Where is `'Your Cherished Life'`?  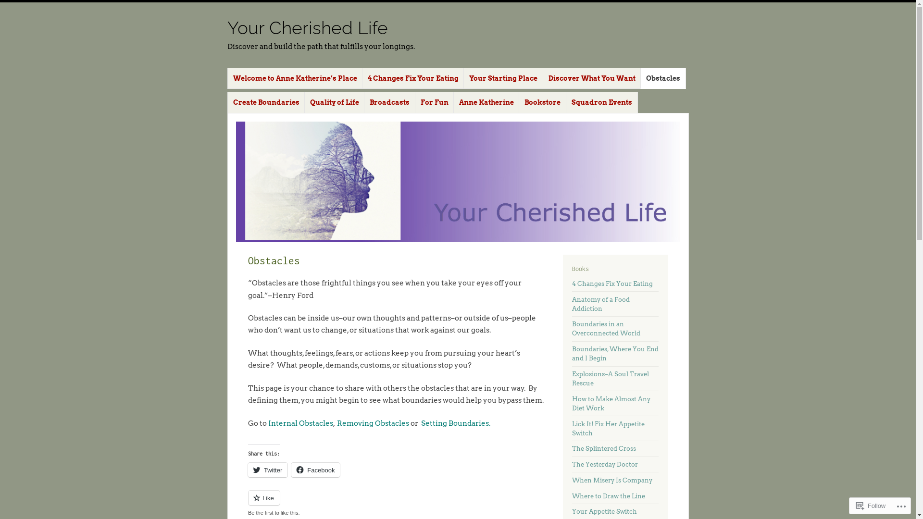 'Your Cherished Life' is located at coordinates (306, 27).